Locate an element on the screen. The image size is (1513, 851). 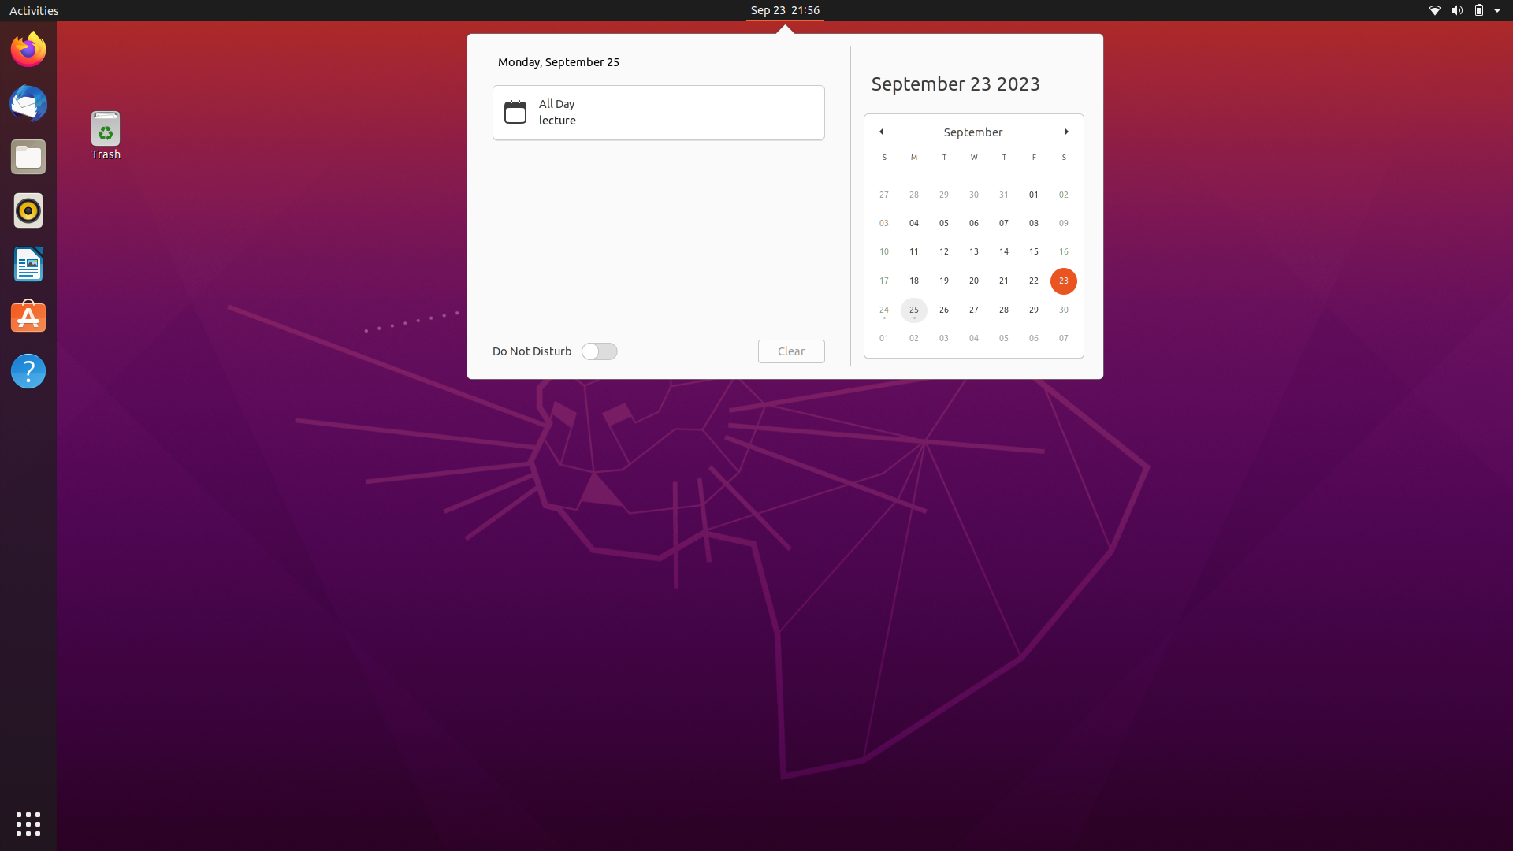
View next month"s events is located at coordinates (1066, 129).